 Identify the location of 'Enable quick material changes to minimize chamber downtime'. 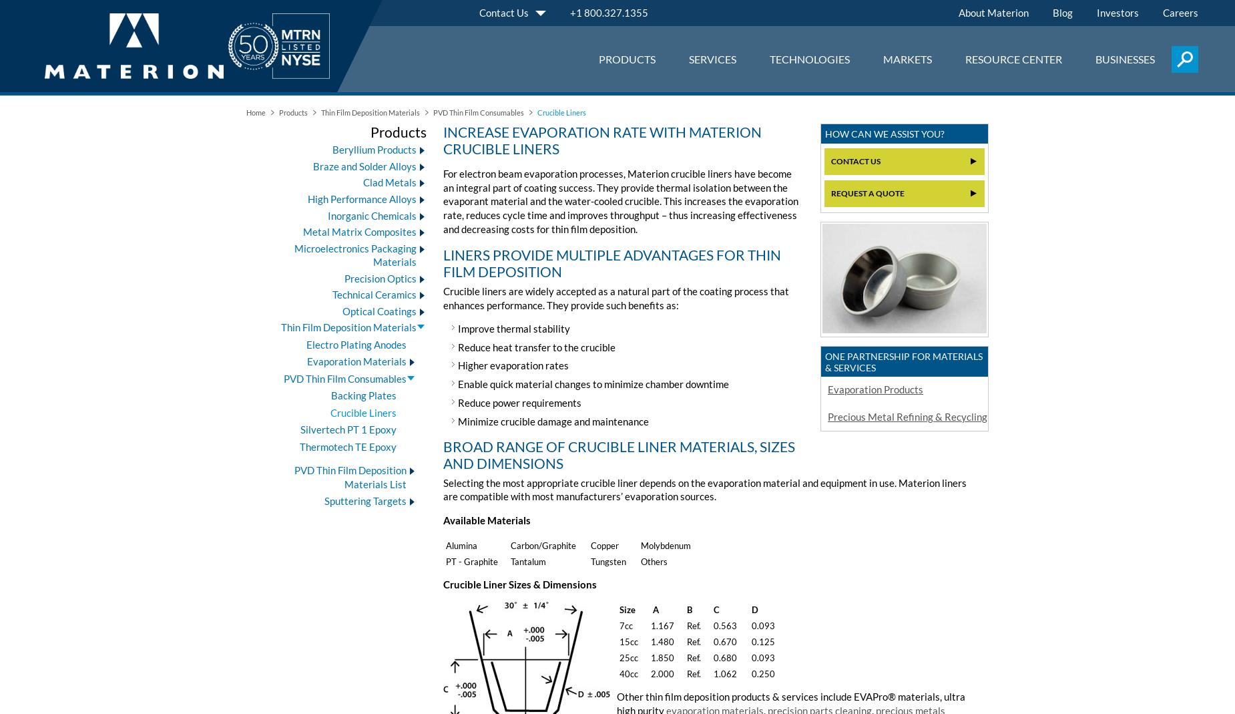
(593, 384).